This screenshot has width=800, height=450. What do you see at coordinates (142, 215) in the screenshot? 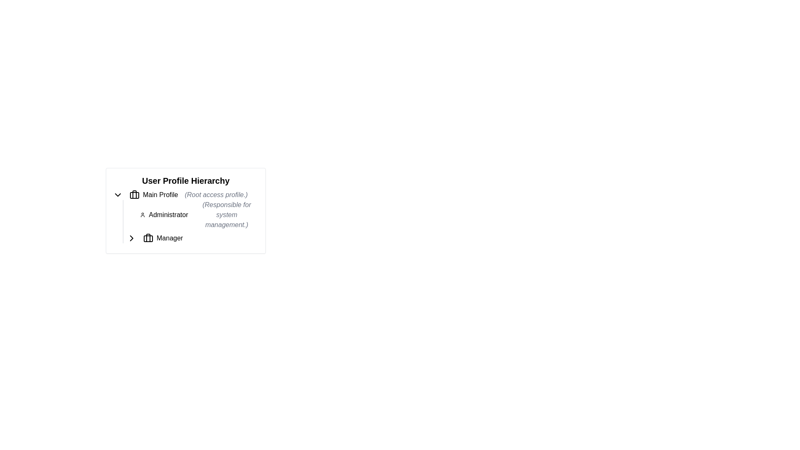
I see `Administrator role icon located to the left of the text '(Responsible for system management.)' within the user profile hierarchy component` at bounding box center [142, 215].